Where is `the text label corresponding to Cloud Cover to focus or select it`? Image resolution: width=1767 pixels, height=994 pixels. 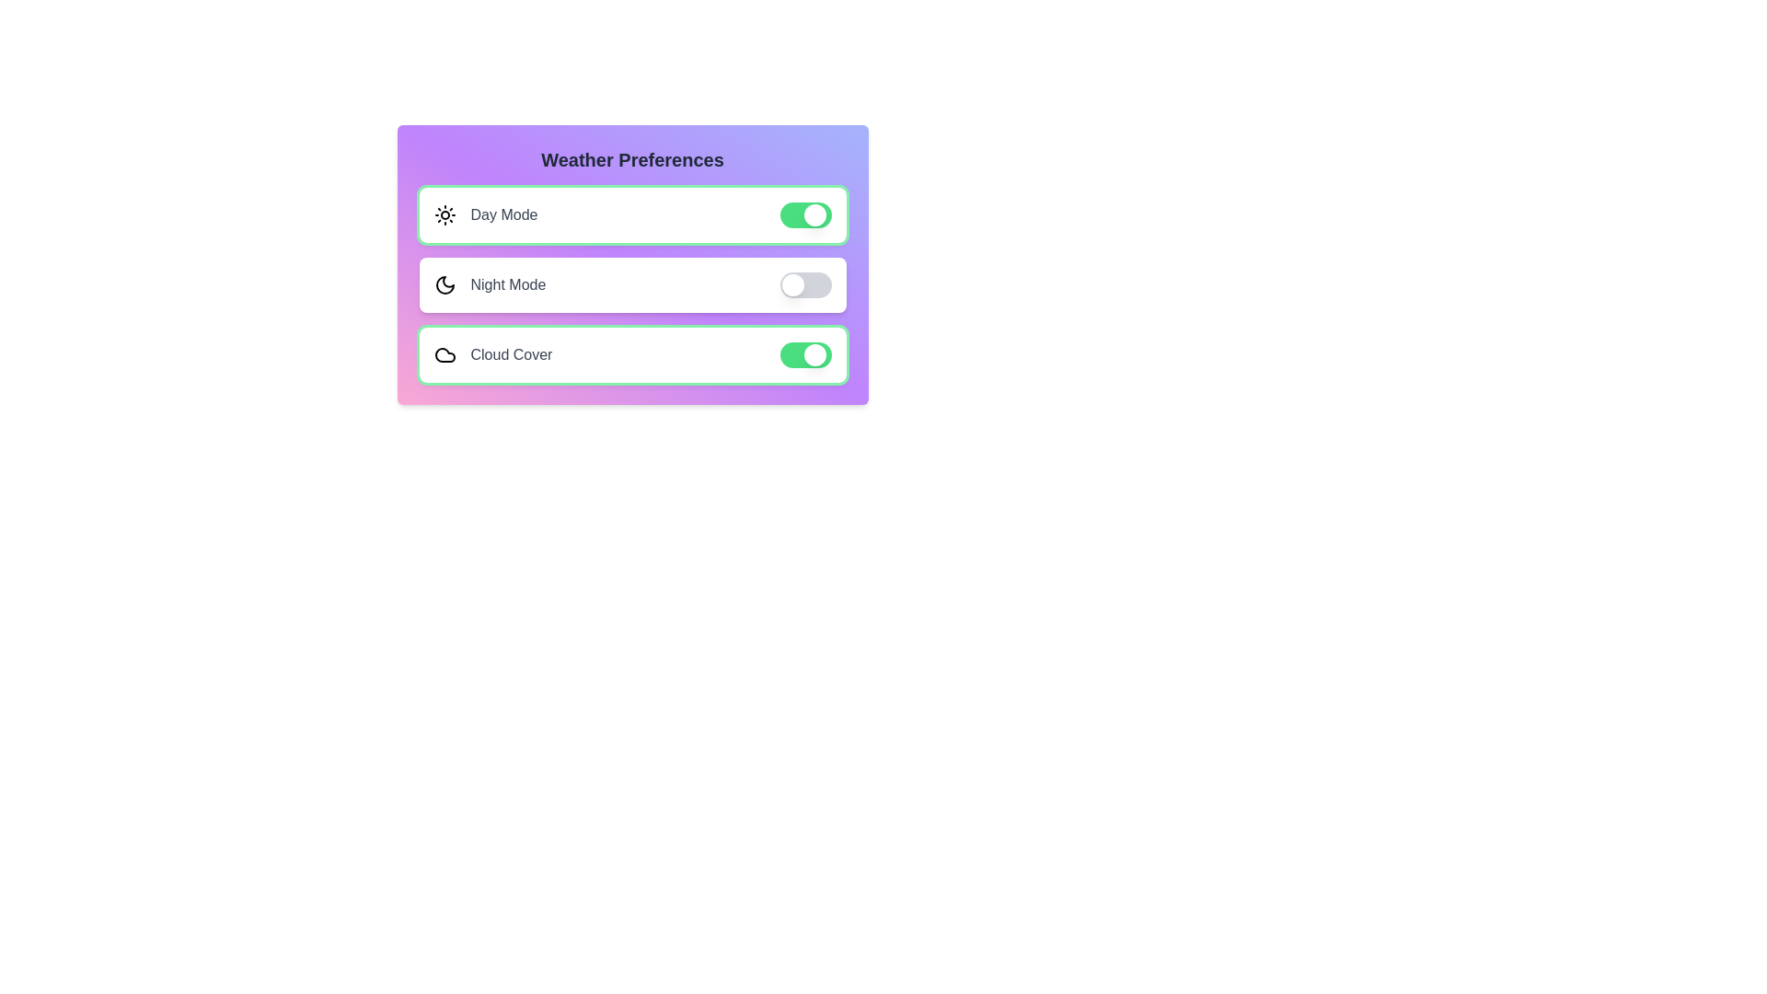
the text label corresponding to Cloud Cover to focus or select it is located at coordinates (512, 354).